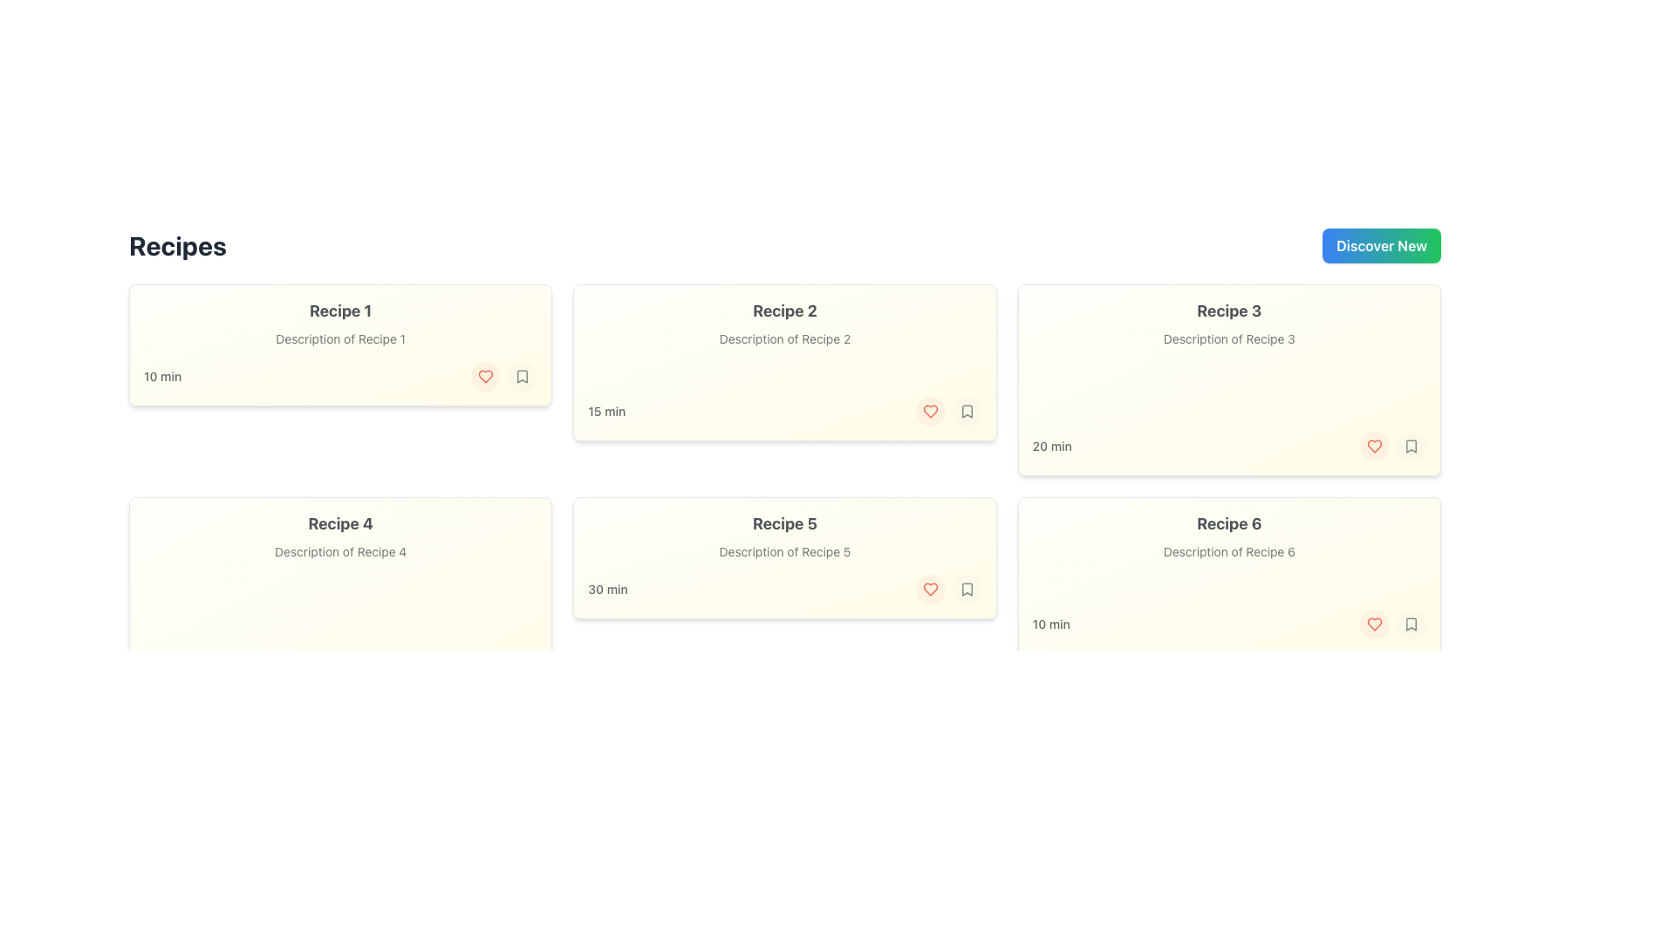  I want to click on the bookmarking button located to the right of the red-colored heart icon button in the bottom right corner of the 'Recipe 3' card, so click(1411, 446).